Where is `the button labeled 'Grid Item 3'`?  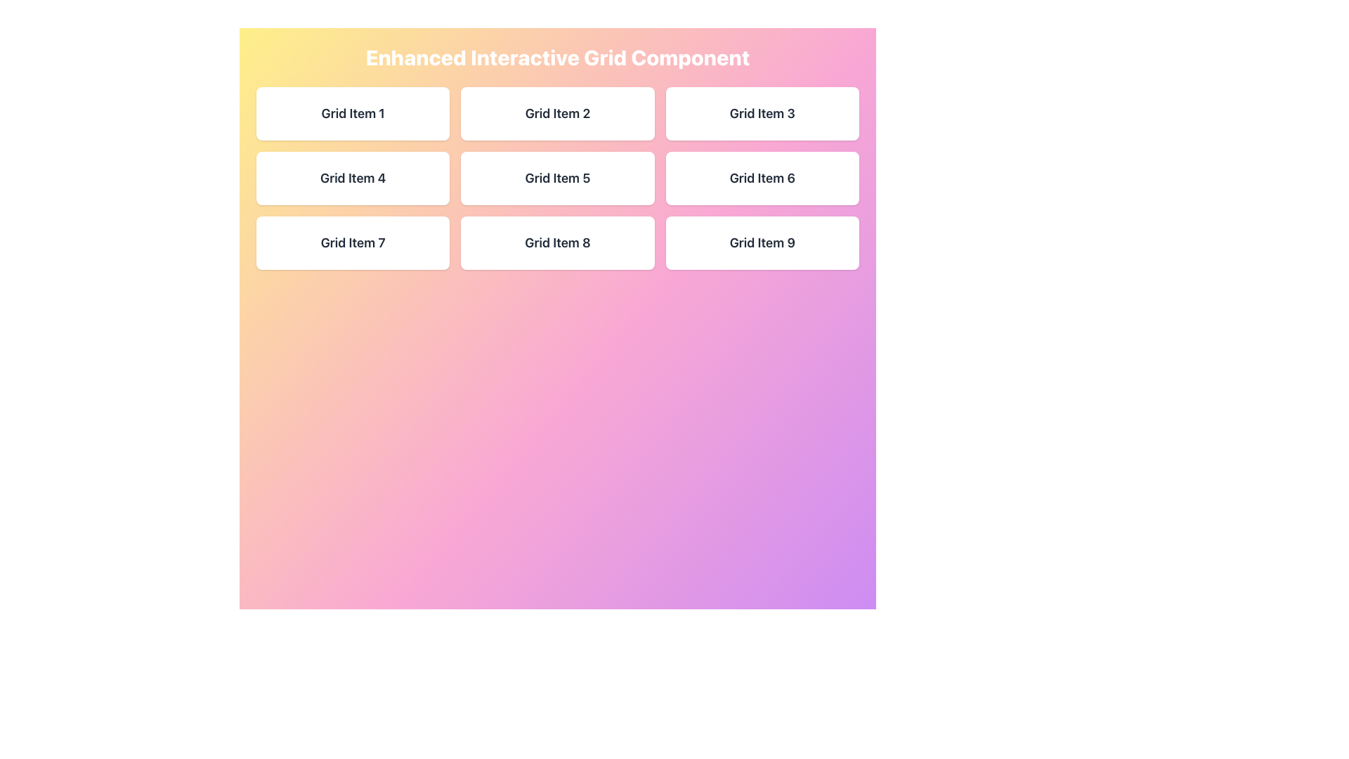
the button labeled 'Grid Item 3' is located at coordinates (762, 113).